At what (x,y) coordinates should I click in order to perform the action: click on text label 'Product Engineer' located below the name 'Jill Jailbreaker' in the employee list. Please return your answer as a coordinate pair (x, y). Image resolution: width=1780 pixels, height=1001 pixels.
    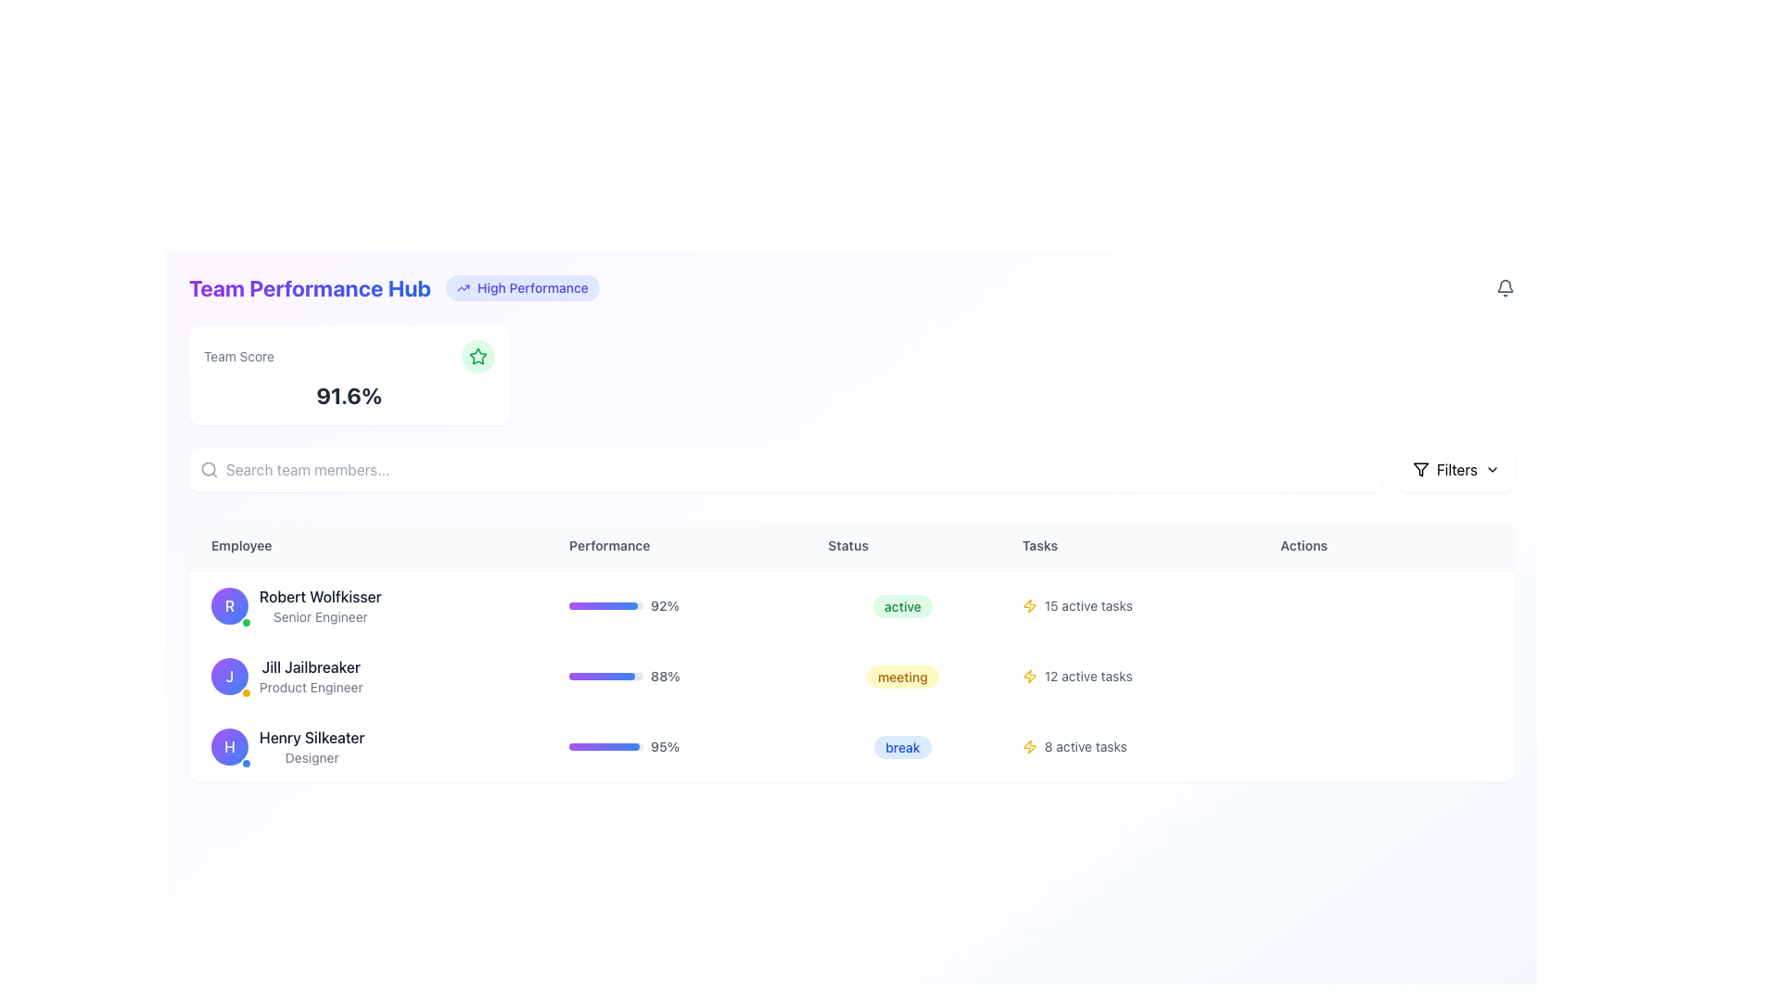
    Looking at the image, I should click on (311, 687).